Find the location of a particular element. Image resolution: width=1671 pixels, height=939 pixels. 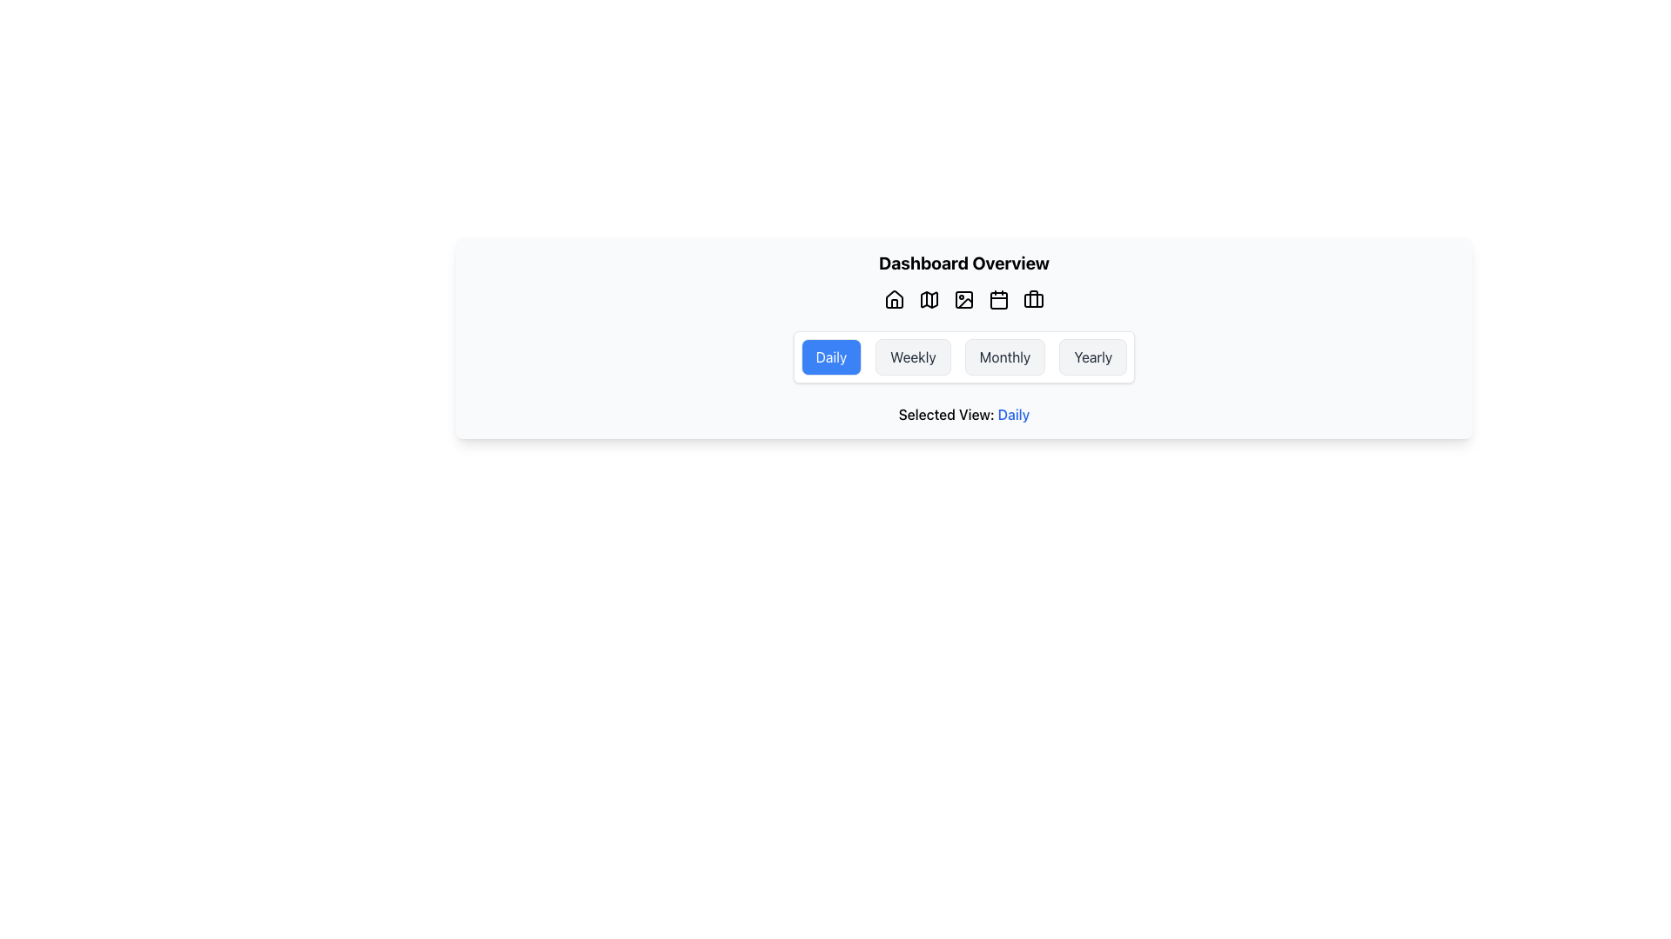

the fifth icon from the left in the horizontal icon bar below the 'Dashboard Overview' heading is located at coordinates (998, 298).